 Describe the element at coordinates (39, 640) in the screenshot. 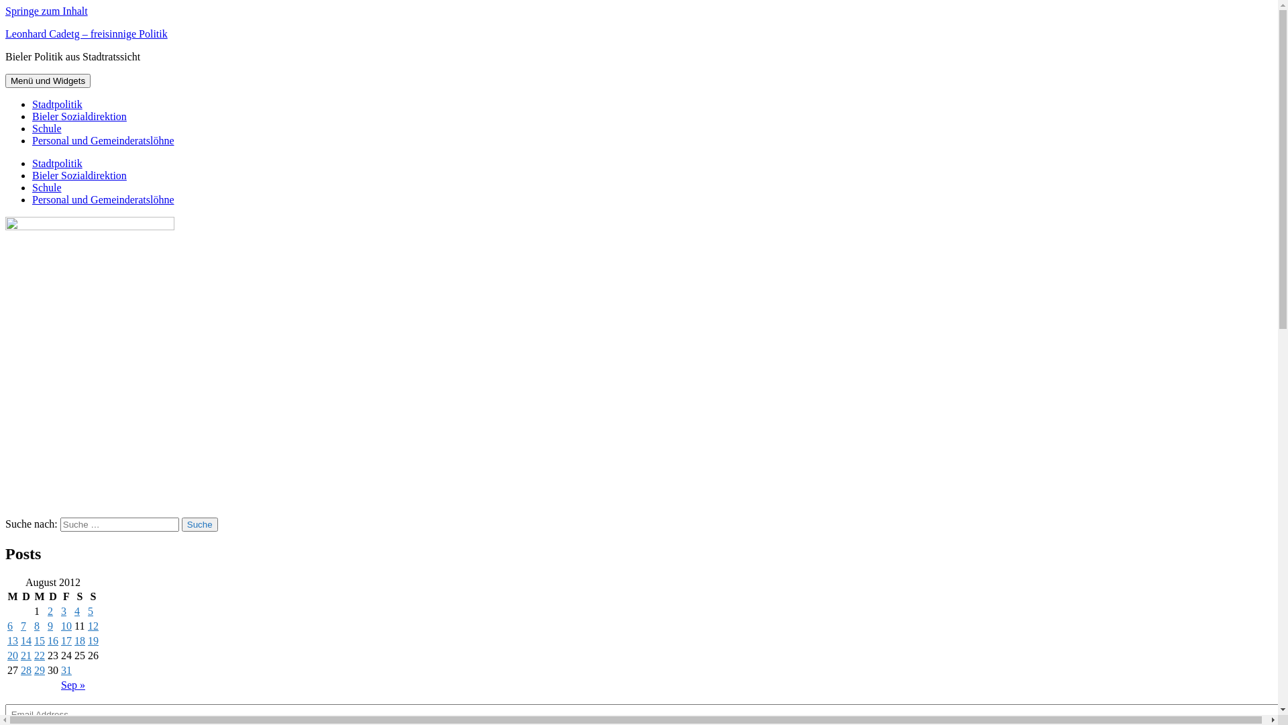

I see `'15'` at that location.